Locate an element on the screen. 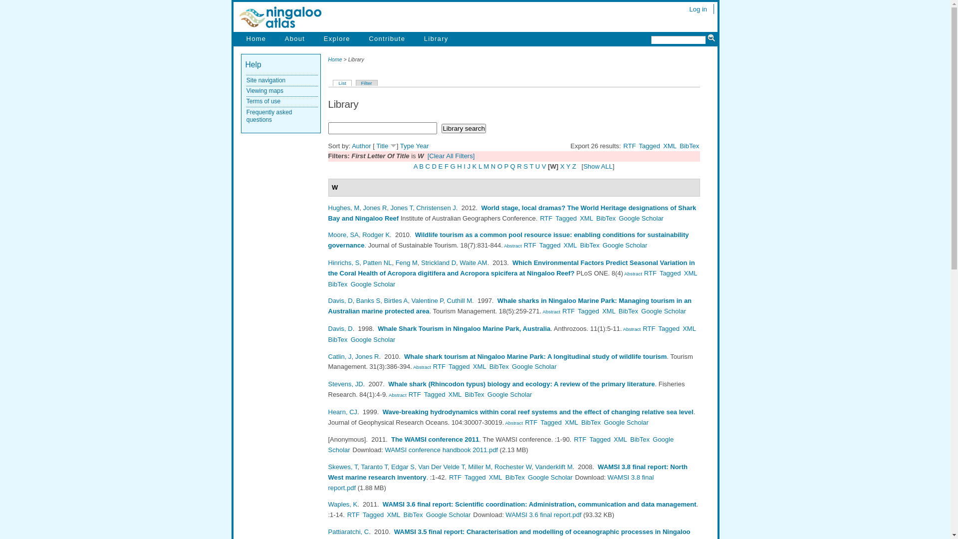  'Cuthill M' is located at coordinates (459, 300).